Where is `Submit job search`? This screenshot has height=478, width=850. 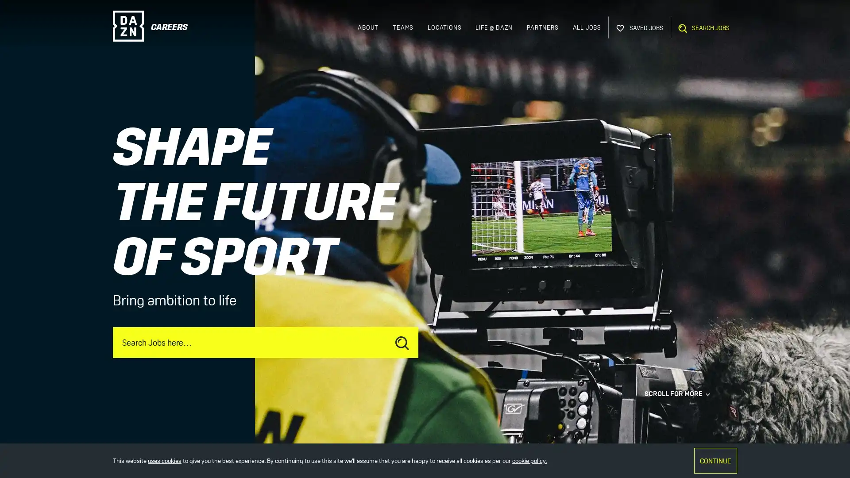 Submit job search is located at coordinates (401, 342).